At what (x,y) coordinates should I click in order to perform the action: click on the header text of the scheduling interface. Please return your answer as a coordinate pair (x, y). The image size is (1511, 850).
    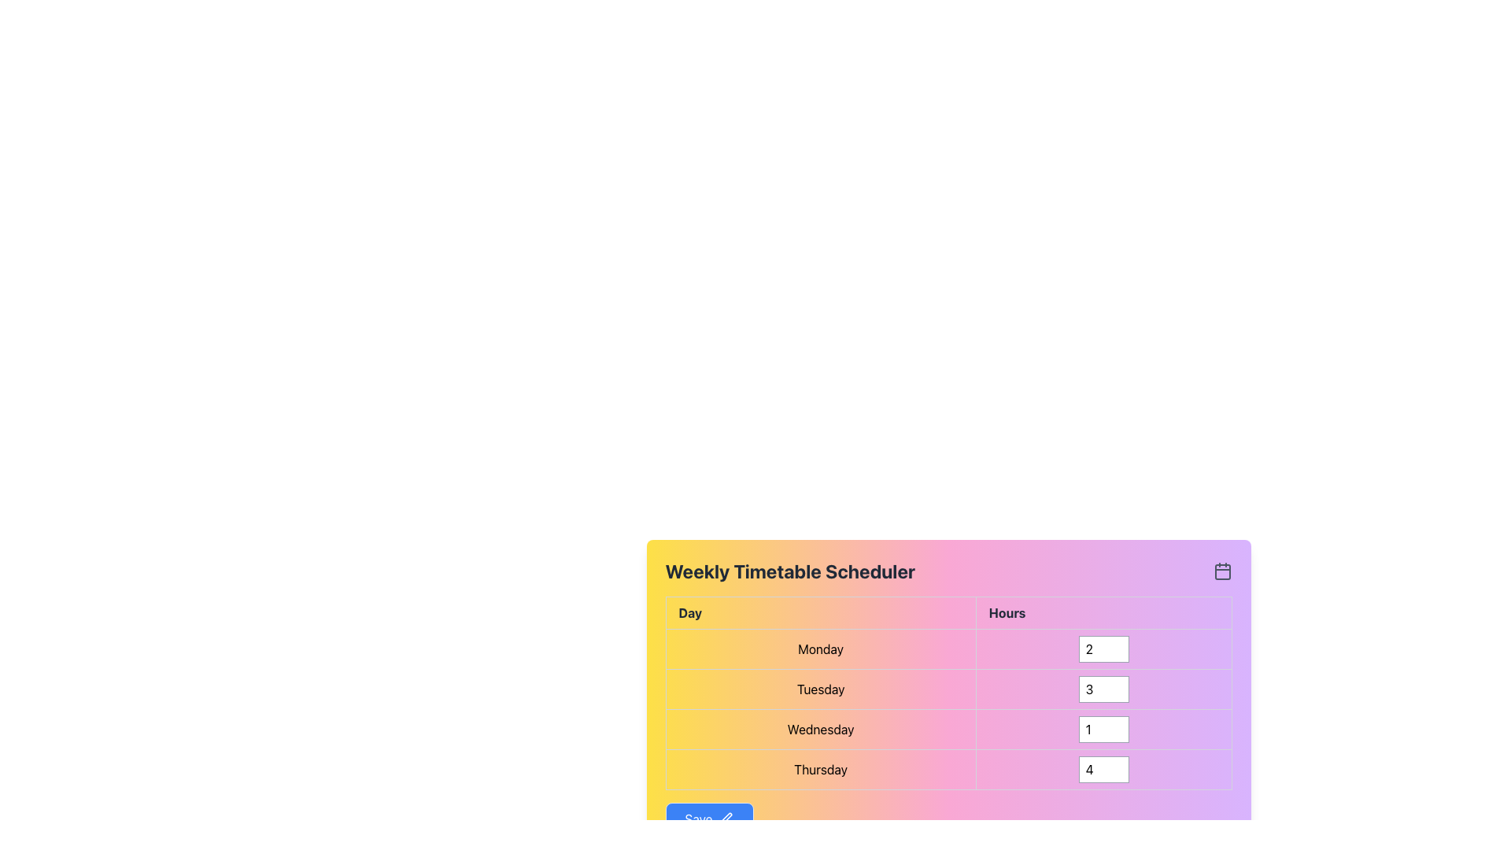
    Looking at the image, I should click on (790, 571).